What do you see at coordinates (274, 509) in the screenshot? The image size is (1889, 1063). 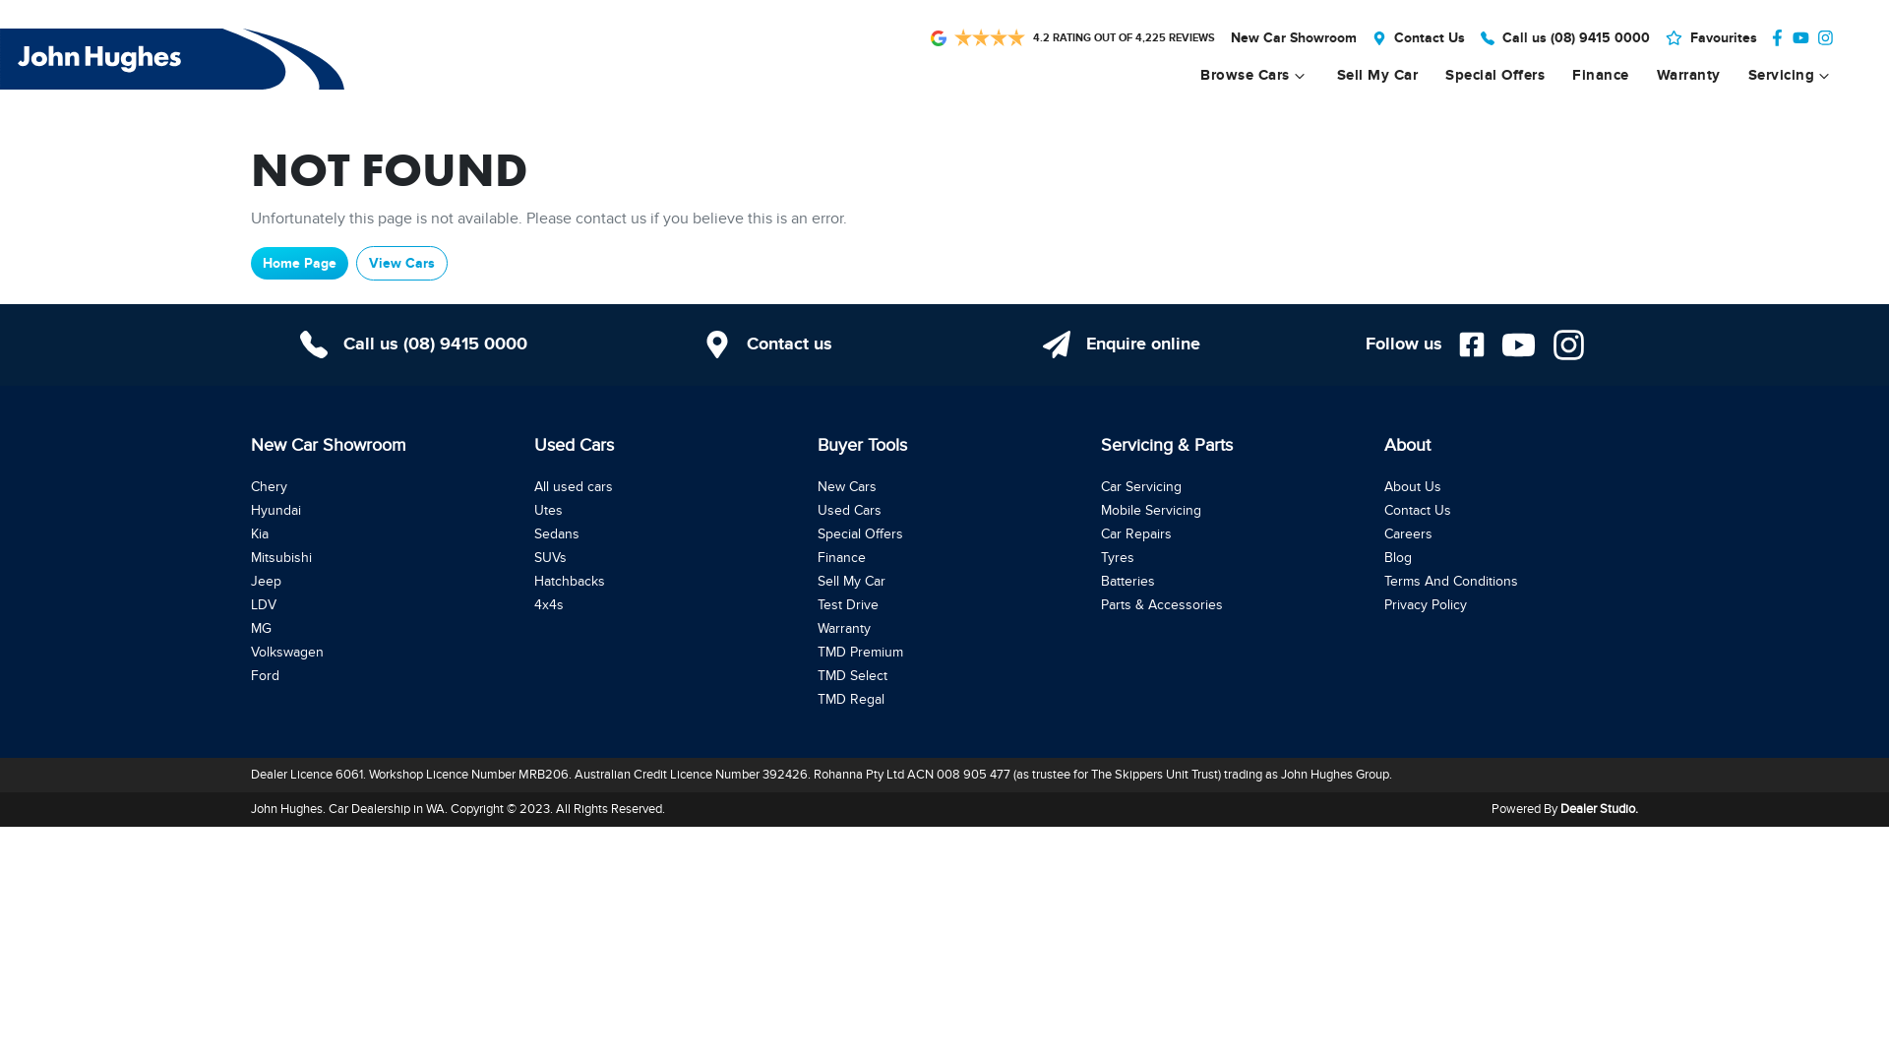 I see `'Hyundai'` at bounding box center [274, 509].